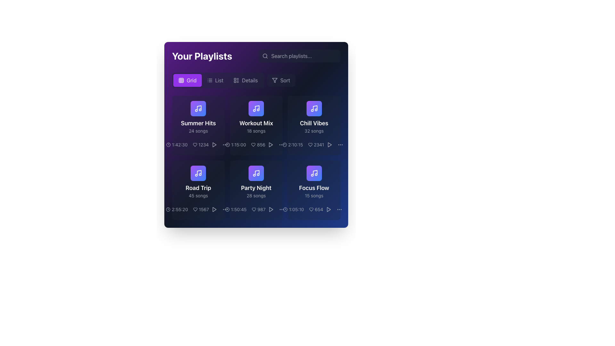  Describe the element at coordinates (256, 126) in the screenshot. I see `the 'Workout Mix' playlist item` at that location.